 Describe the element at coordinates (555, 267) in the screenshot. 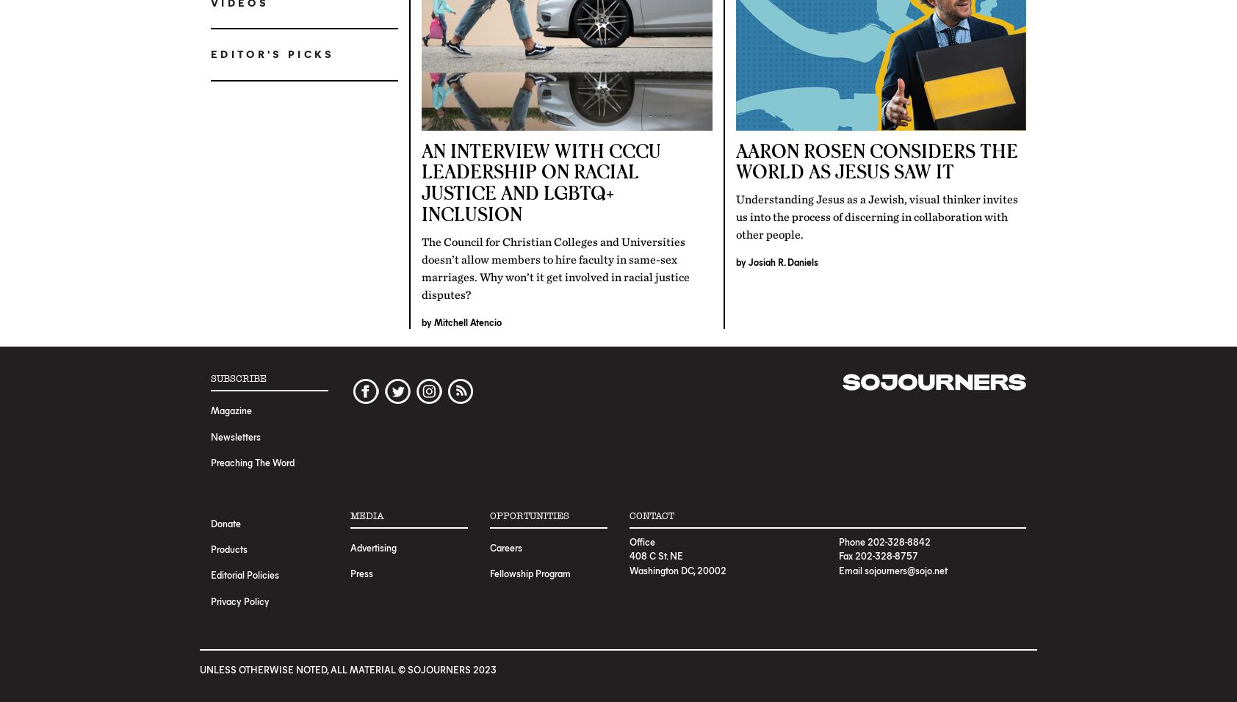

I see `'The Council for Christian Colleges and Universities doesn’t allow members to hire faculty in same-sex marriages. Why won’t it get involved in racial justice disputes?'` at that location.